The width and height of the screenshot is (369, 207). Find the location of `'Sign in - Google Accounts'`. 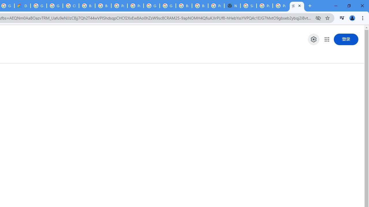

'Sign in - Google Accounts' is located at coordinates (248, 6).